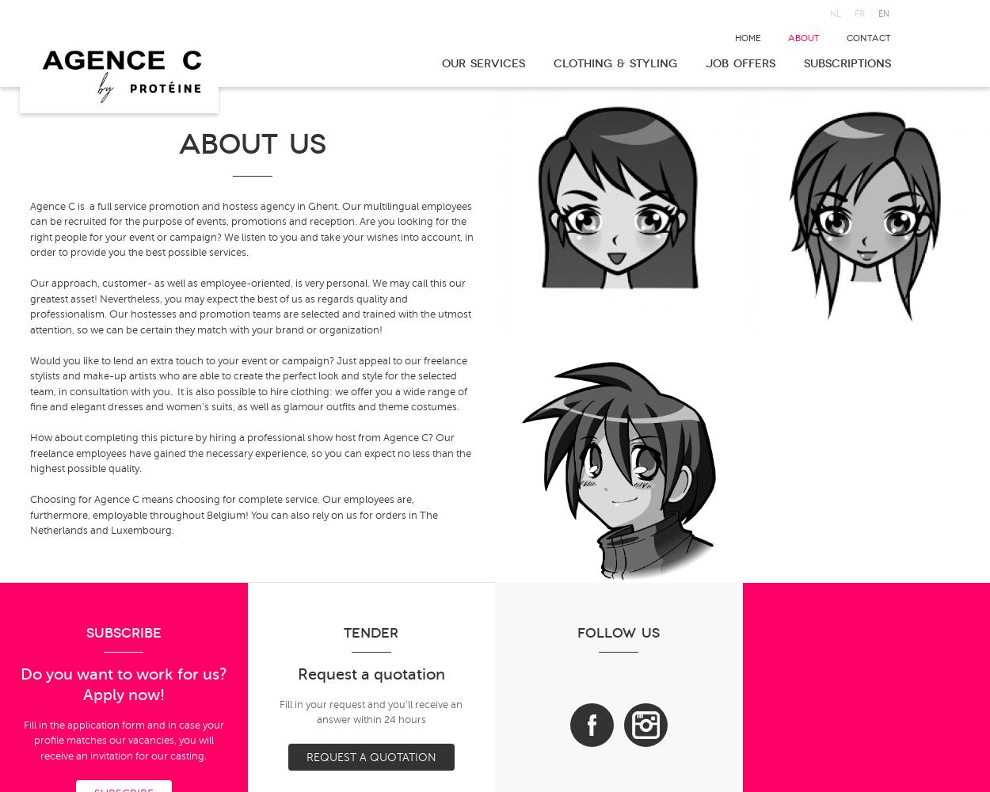  What do you see at coordinates (619, 633) in the screenshot?
I see `'Follow us'` at bounding box center [619, 633].